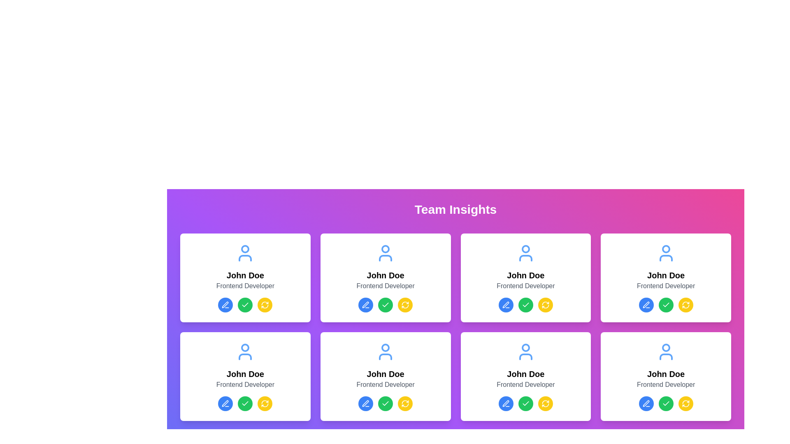 Image resolution: width=790 pixels, height=444 pixels. Describe the element at coordinates (666, 285) in the screenshot. I see `the Text Display element showing the job title 'Frontend Developer' located below 'John Doe'` at that location.